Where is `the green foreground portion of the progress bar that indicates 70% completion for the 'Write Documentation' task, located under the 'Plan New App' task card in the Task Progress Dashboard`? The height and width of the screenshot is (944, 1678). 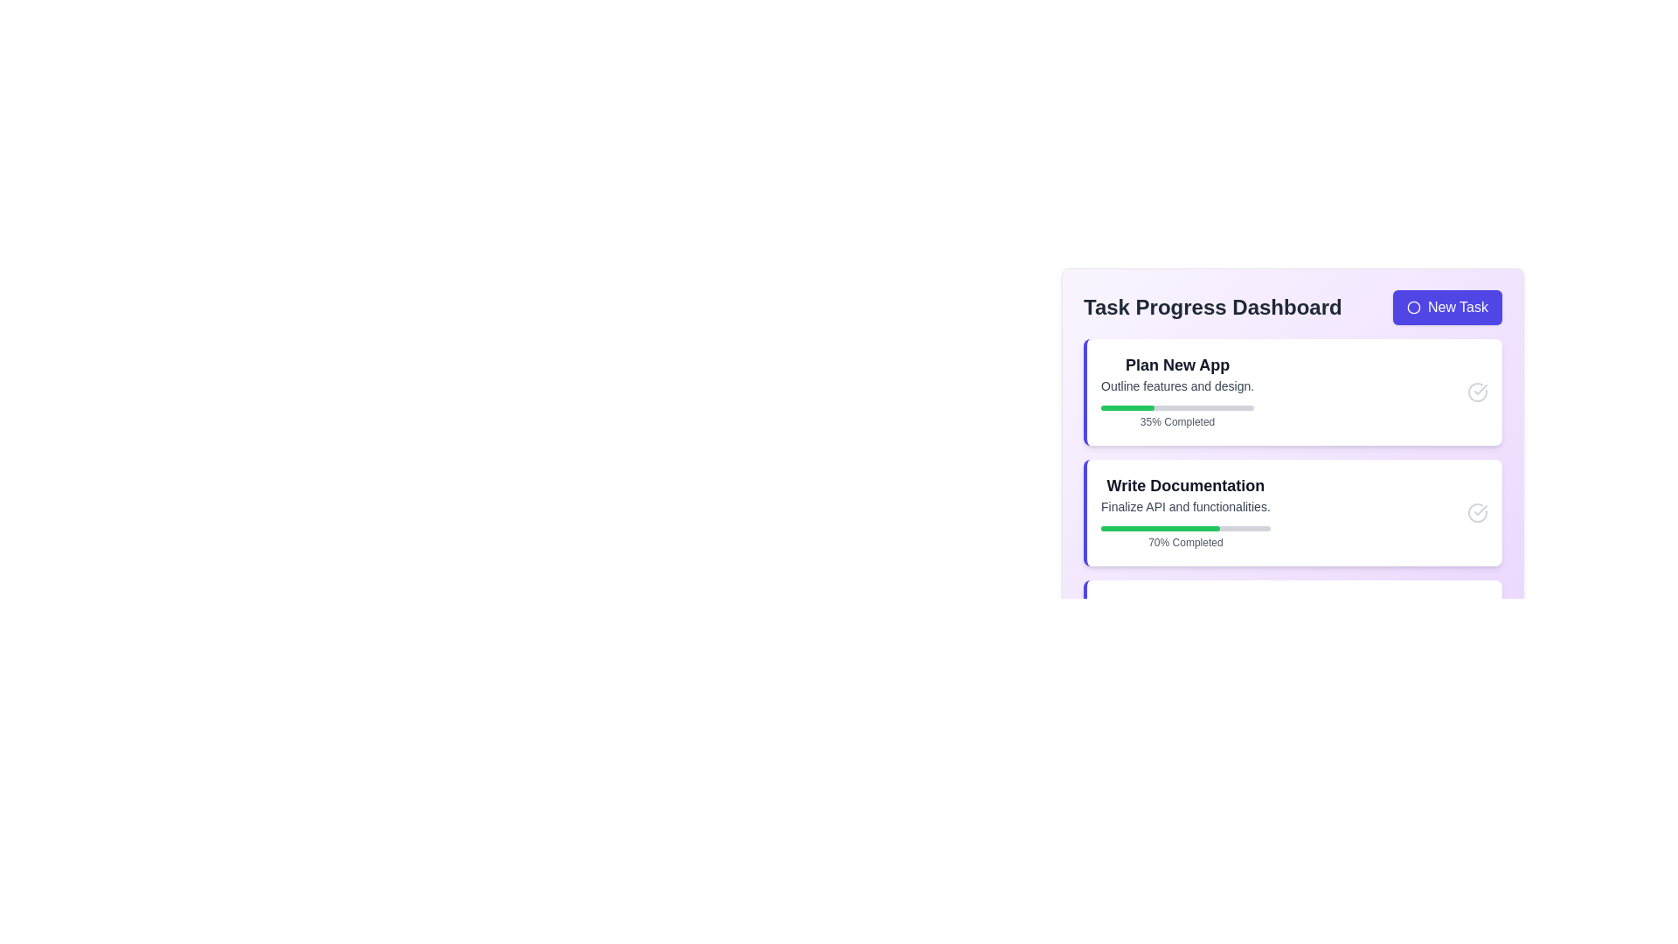 the green foreground portion of the progress bar that indicates 70% completion for the 'Write Documentation' task, located under the 'Plan New App' task card in the Task Progress Dashboard is located at coordinates (1160, 528).